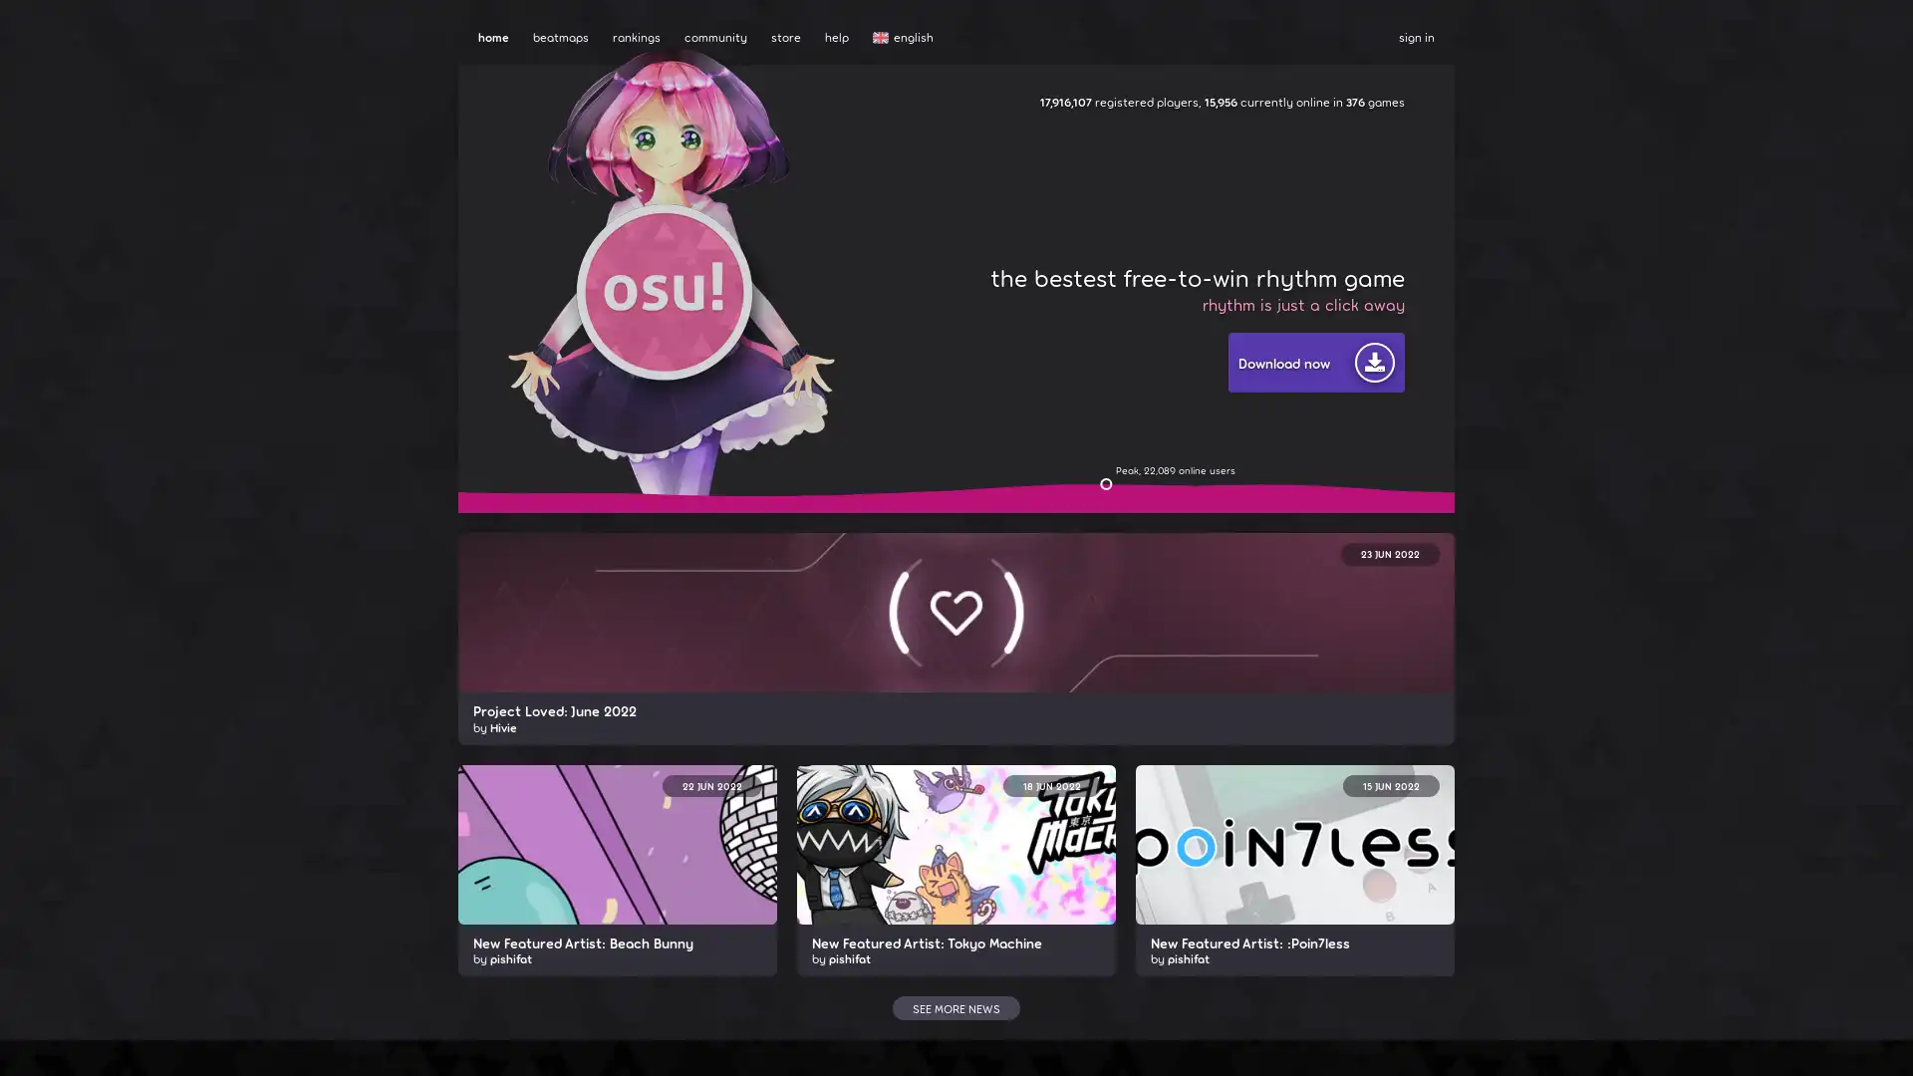  I want to click on norsk, so click(932, 494).